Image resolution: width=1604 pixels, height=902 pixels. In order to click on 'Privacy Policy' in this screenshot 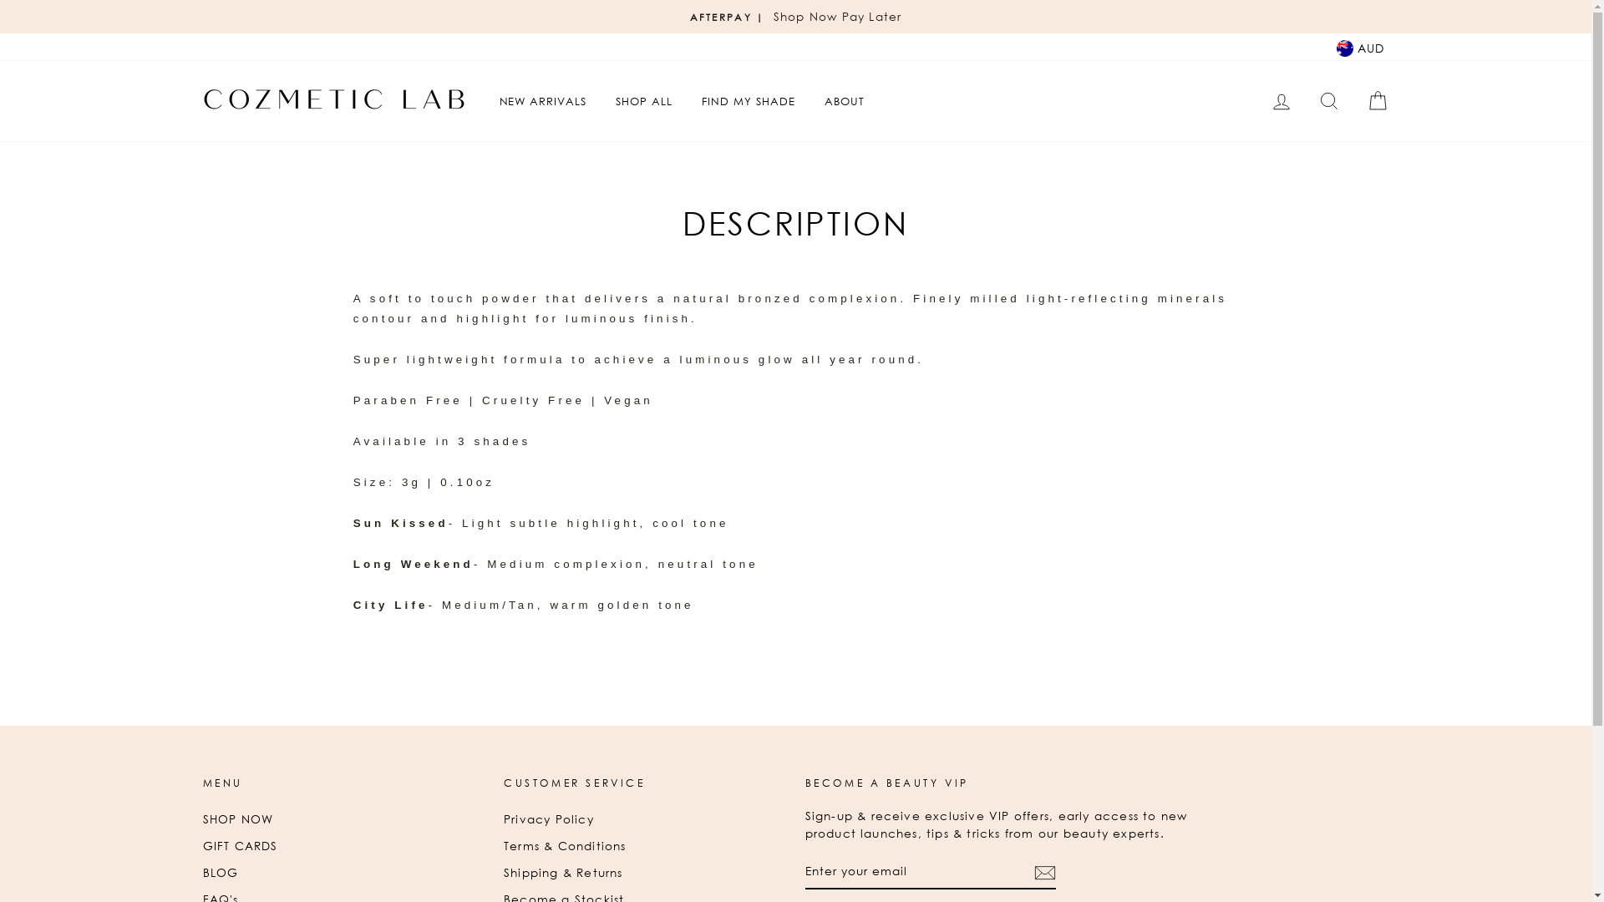, I will do `click(549, 818)`.